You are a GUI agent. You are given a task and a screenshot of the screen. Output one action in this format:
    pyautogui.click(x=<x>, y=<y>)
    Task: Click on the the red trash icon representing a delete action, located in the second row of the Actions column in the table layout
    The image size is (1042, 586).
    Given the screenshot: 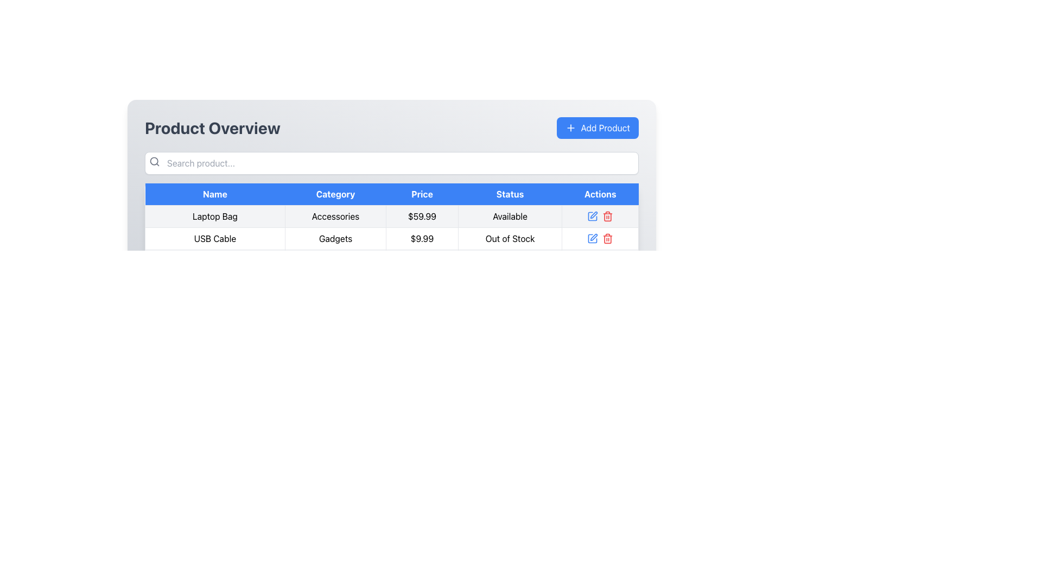 What is the action you would take?
    pyautogui.click(x=607, y=238)
    